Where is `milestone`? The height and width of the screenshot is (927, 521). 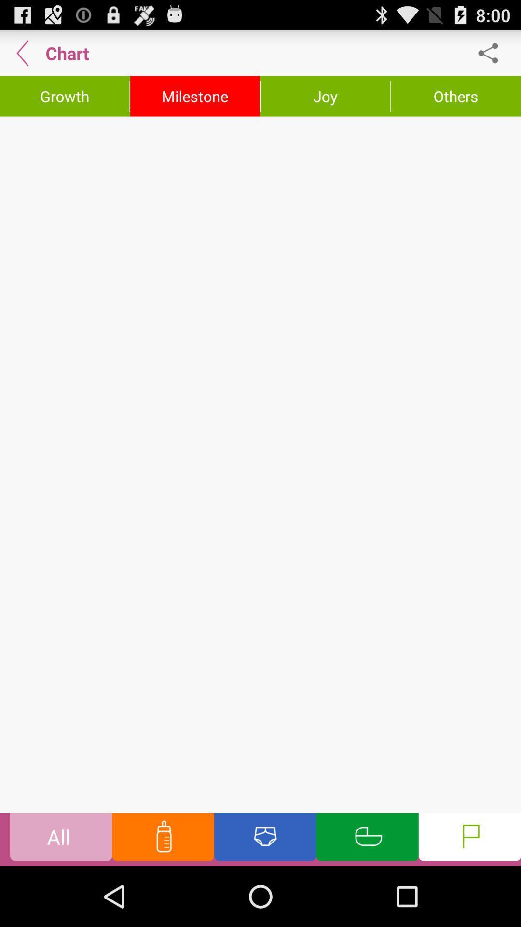 milestone is located at coordinates (195, 97).